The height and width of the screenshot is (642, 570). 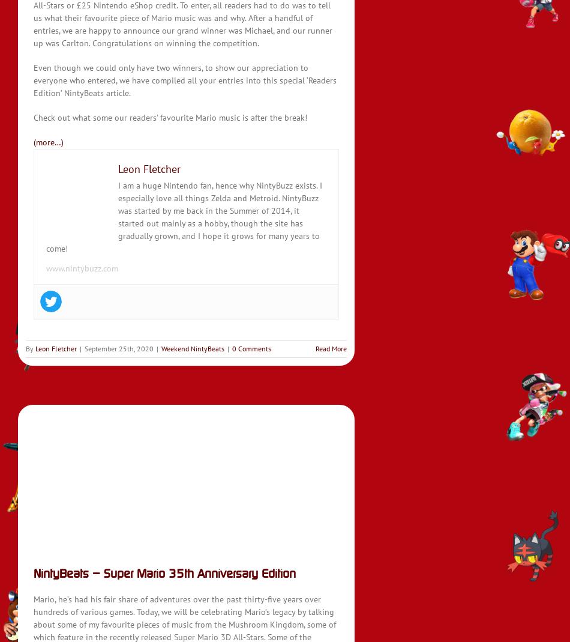 What do you see at coordinates (49, 141) in the screenshot?
I see `'(more…)'` at bounding box center [49, 141].